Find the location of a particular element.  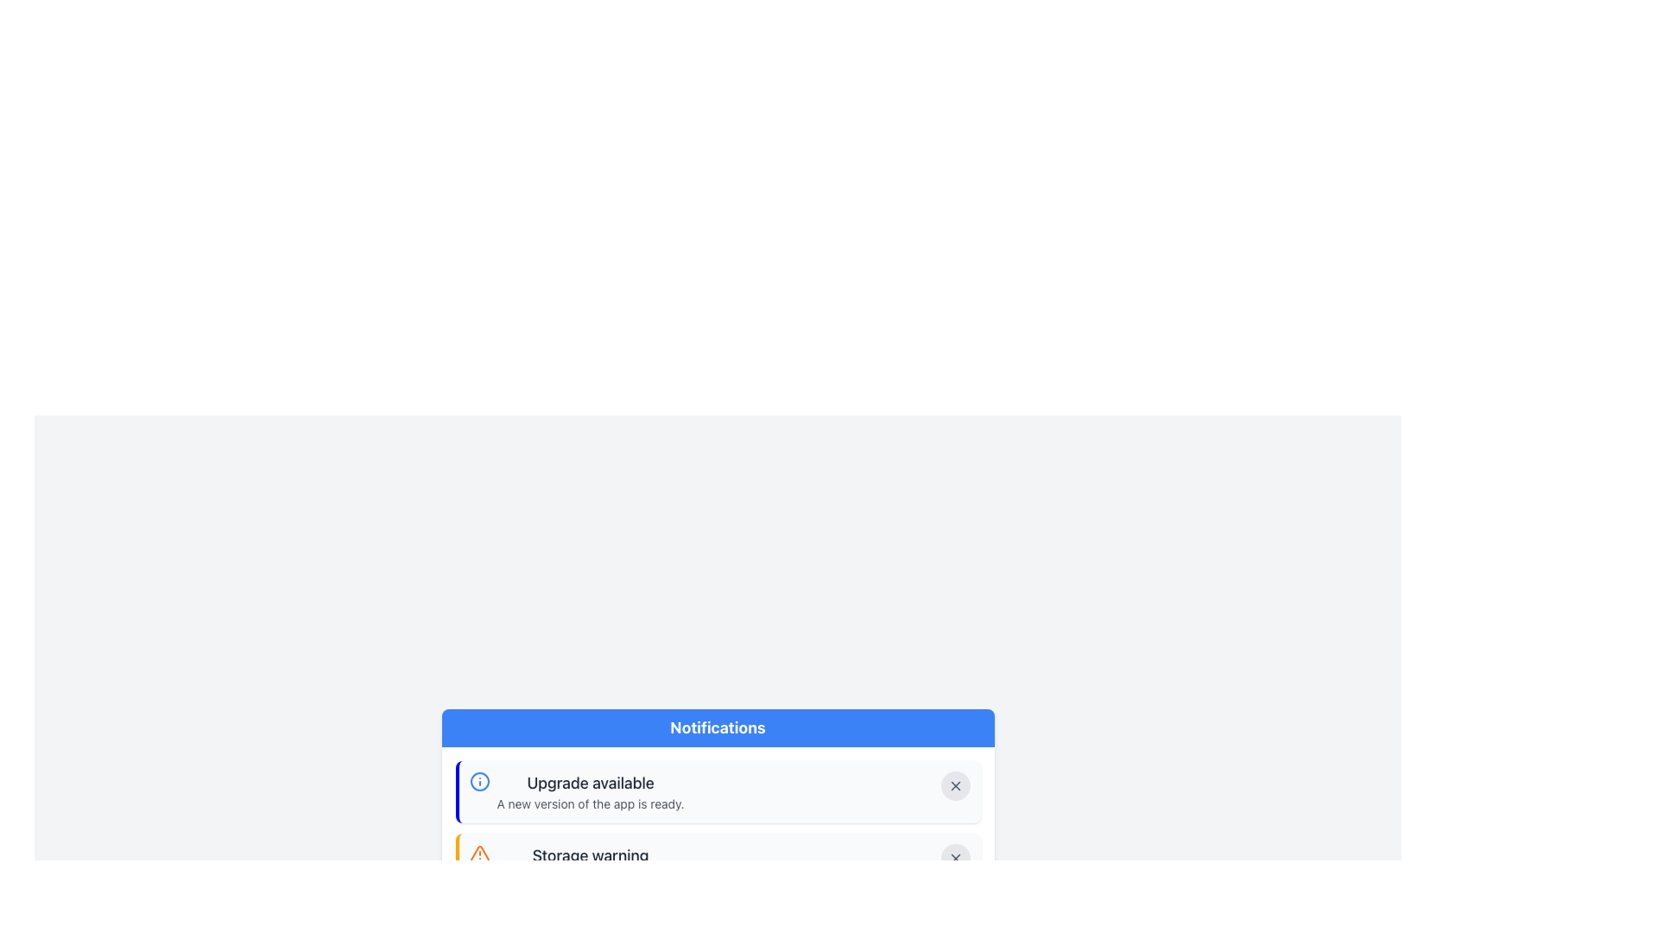

the interactive Notification Text element that displays 'Upgrade available' and 'A new version of the app is ready.' is located at coordinates (591, 792).